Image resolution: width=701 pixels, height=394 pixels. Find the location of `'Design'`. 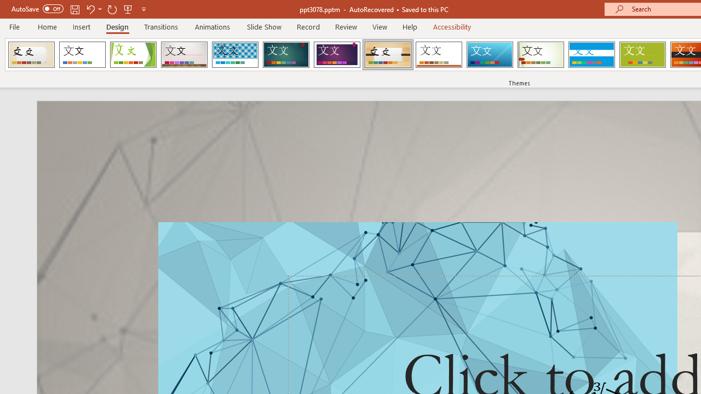

'Design' is located at coordinates (117, 26).